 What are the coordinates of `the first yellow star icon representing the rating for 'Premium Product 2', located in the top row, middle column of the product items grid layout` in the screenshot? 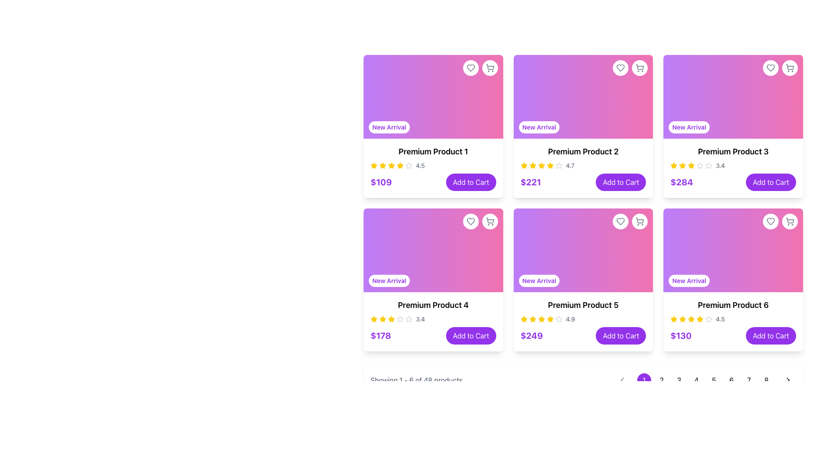 It's located at (524, 166).